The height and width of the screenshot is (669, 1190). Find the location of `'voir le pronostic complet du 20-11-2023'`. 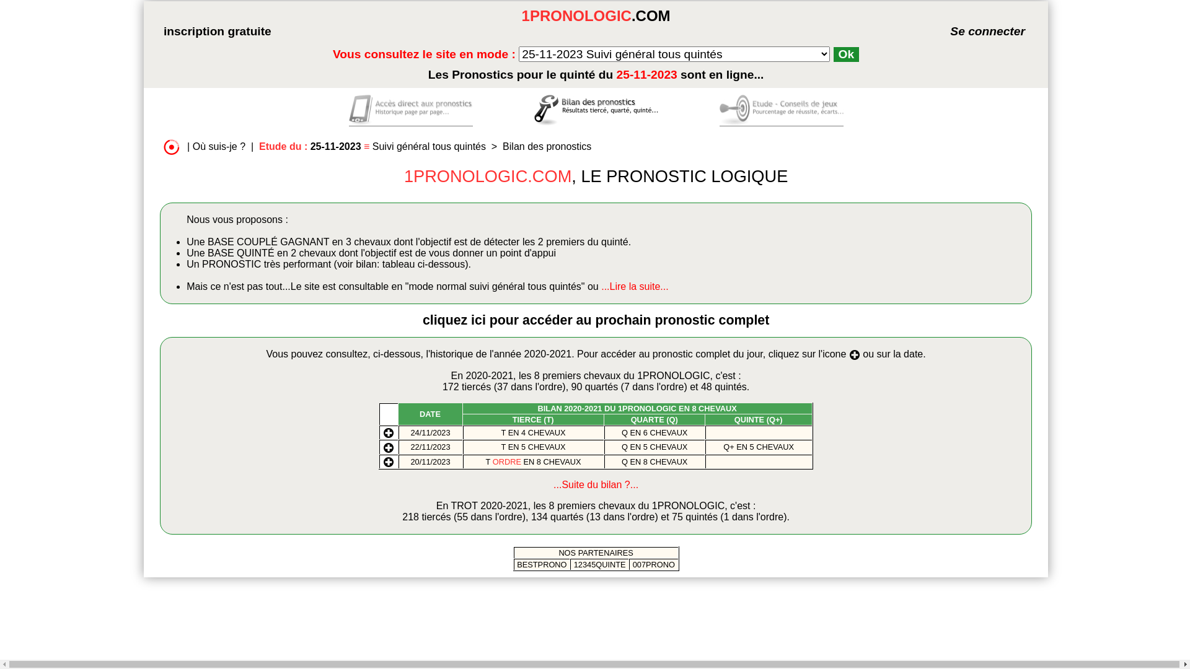

'voir le pronostic complet du 20-11-2023' is located at coordinates (388, 461).